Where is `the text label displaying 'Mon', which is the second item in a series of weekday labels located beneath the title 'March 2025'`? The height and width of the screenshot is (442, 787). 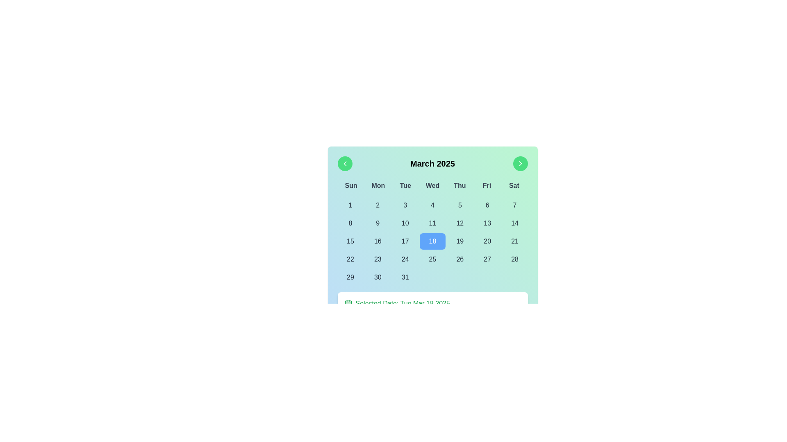 the text label displaying 'Mon', which is the second item in a series of weekday labels located beneath the title 'March 2025' is located at coordinates (378, 186).